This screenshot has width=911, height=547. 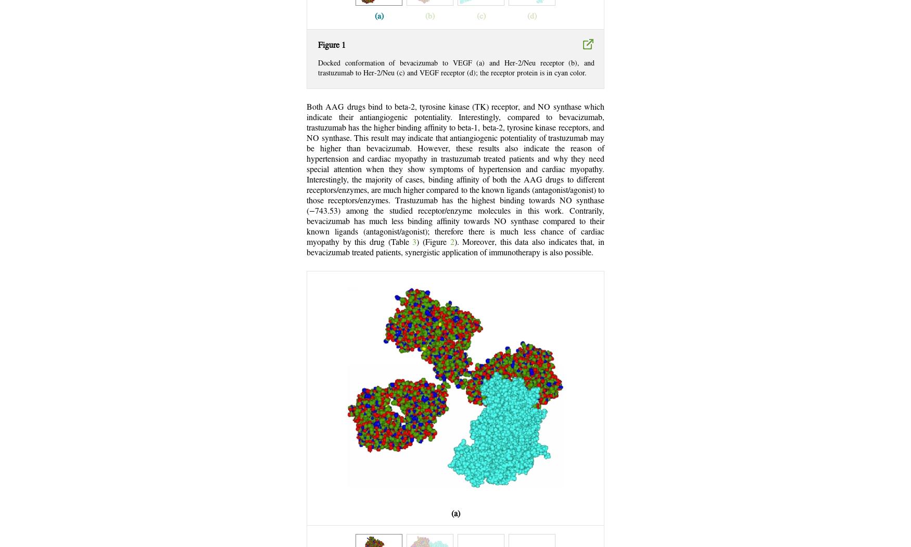 What do you see at coordinates (452, 242) in the screenshot?
I see `'2'` at bounding box center [452, 242].